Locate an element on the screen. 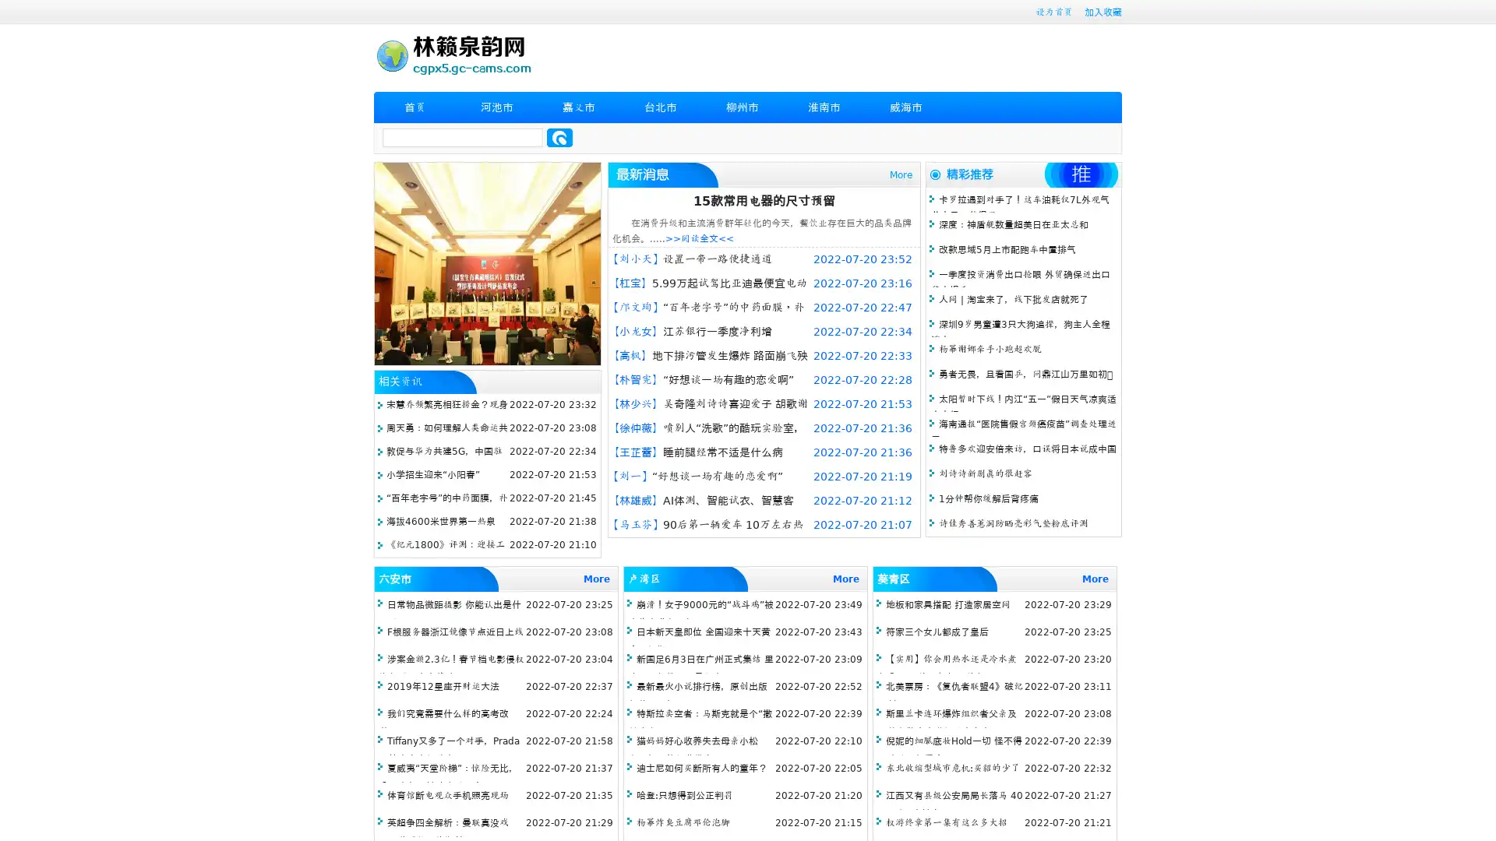 The width and height of the screenshot is (1496, 841). Search is located at coordinates (559, 137).